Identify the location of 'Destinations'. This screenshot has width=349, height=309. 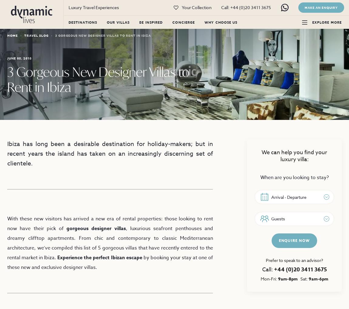
(83, 22).